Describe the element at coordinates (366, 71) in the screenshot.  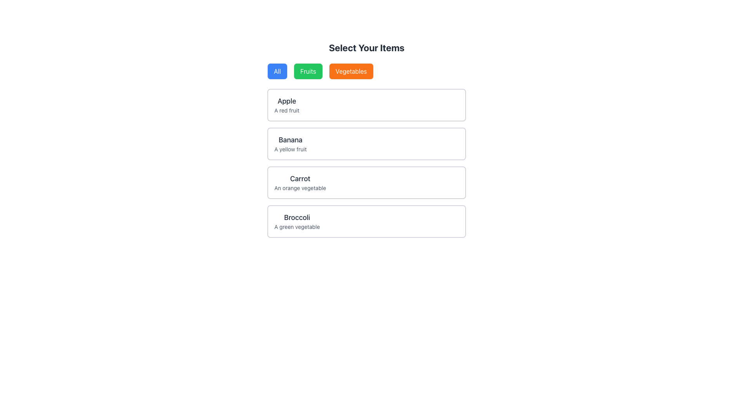
I see `the 'Vegetables' button in the segmented control to filter the displayed items and view only vegetables` at that location.